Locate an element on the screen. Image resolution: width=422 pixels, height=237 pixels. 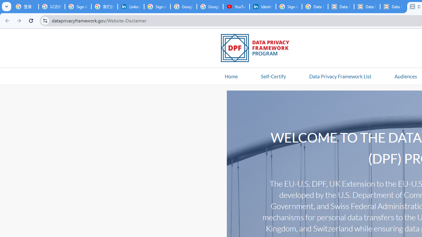
'LinkedIn Privacy Policy' is located at coordinates (131, 7).